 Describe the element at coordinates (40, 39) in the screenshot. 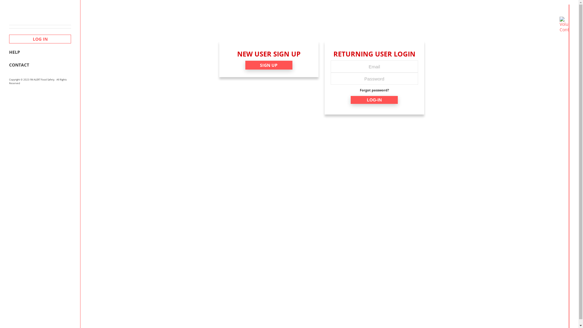

I see `'LOG IN'` at that location.